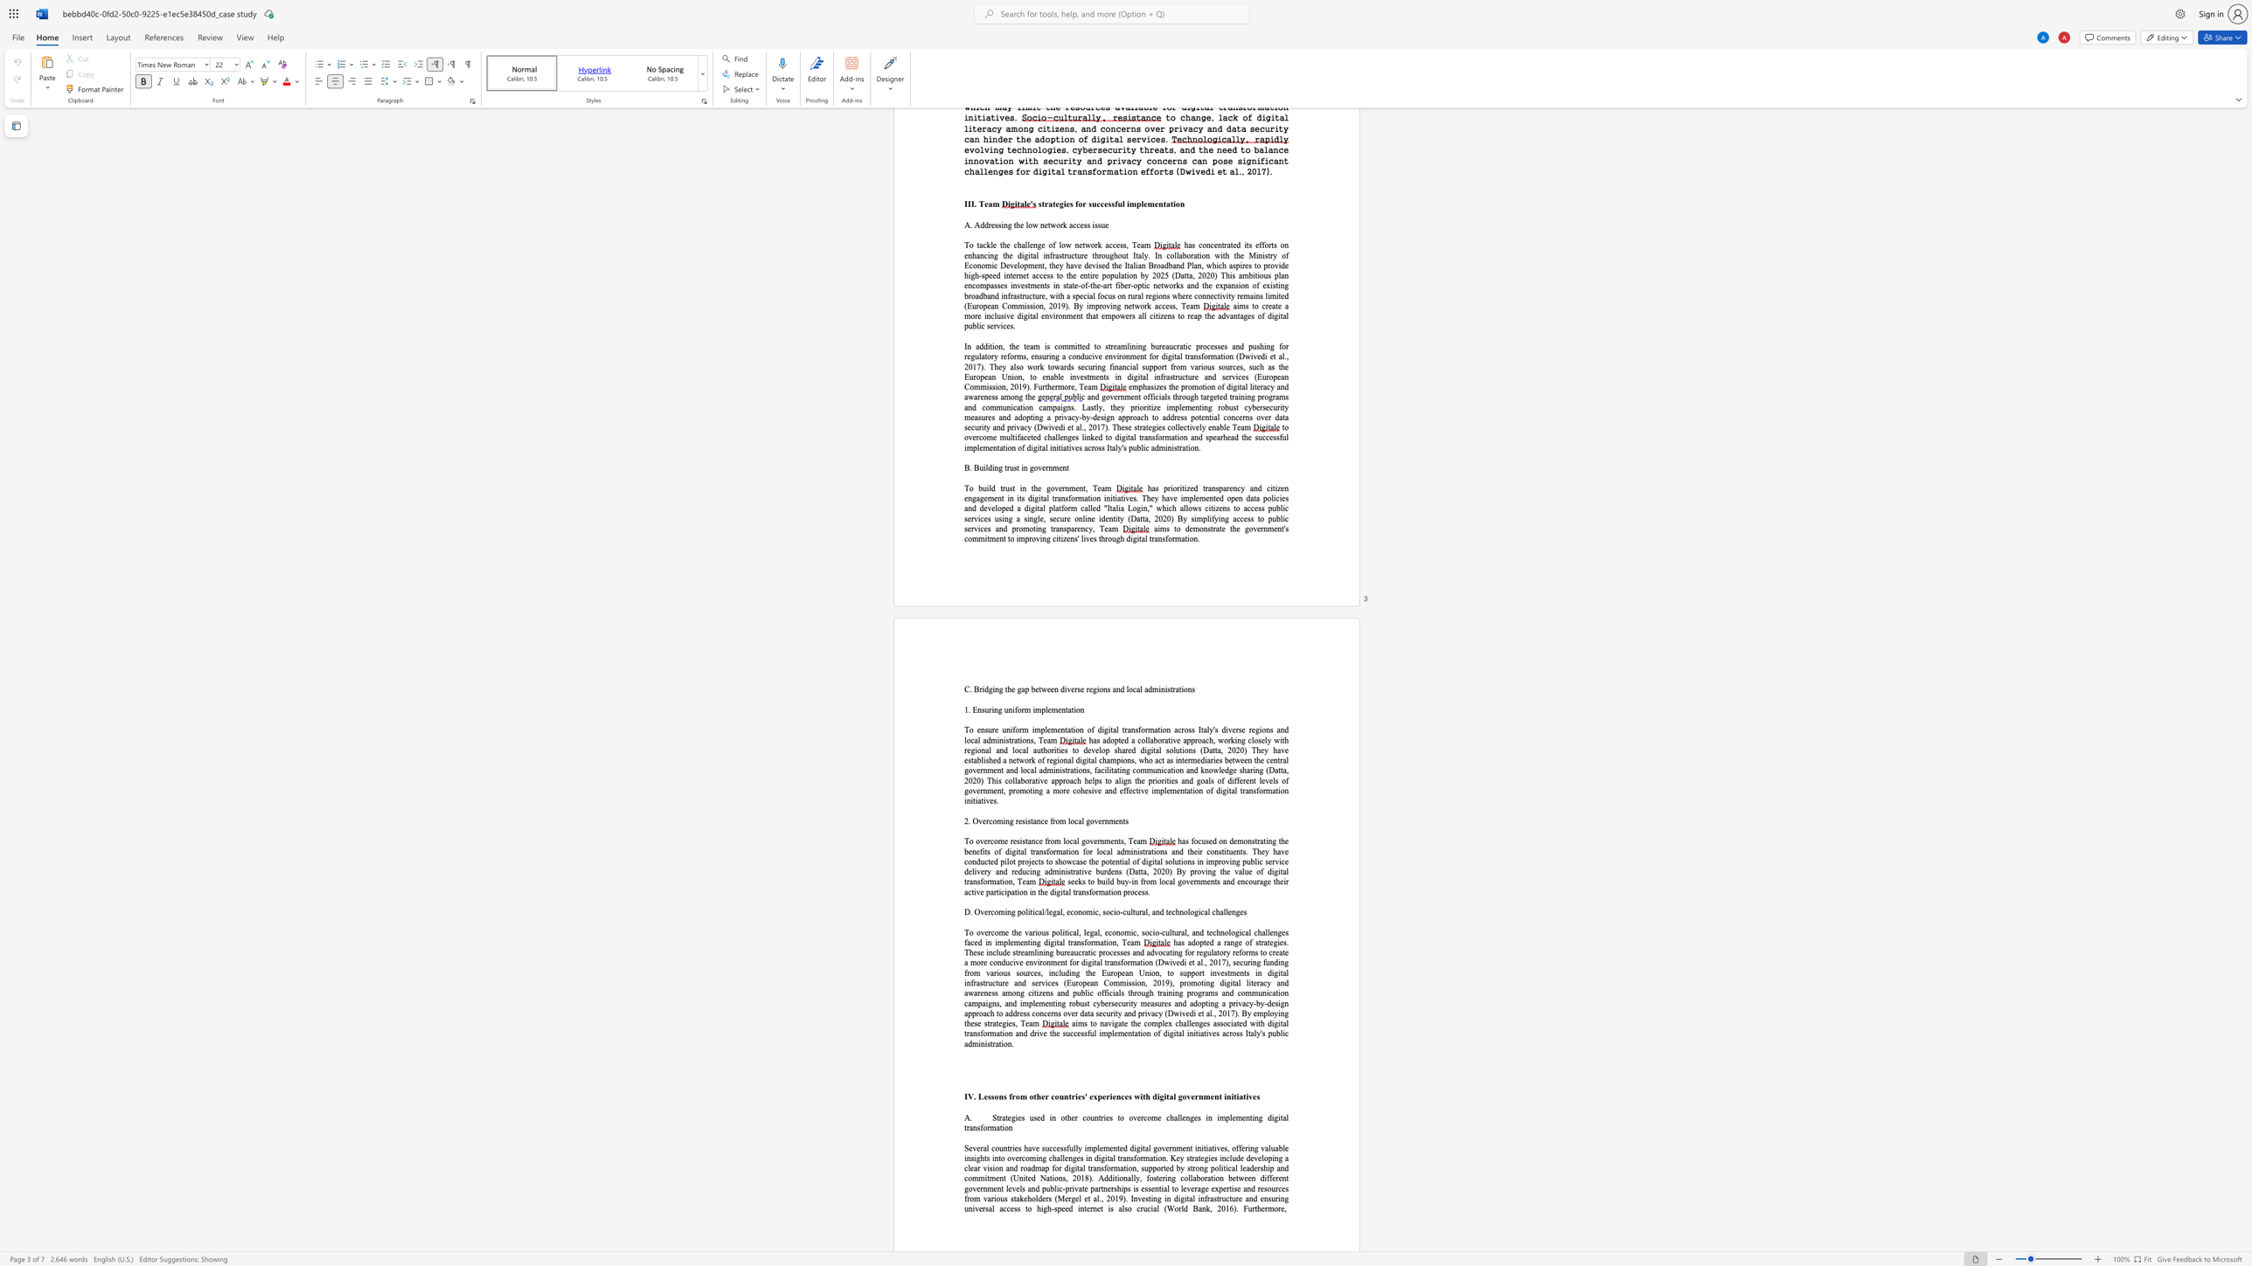 Image resolution: width=2252 pixels, height=1266 pixels. I want to click on the subset text "orm imp" within the text "To ensure uniform implementation of digital transformation across Italy", so click(1014, 730).